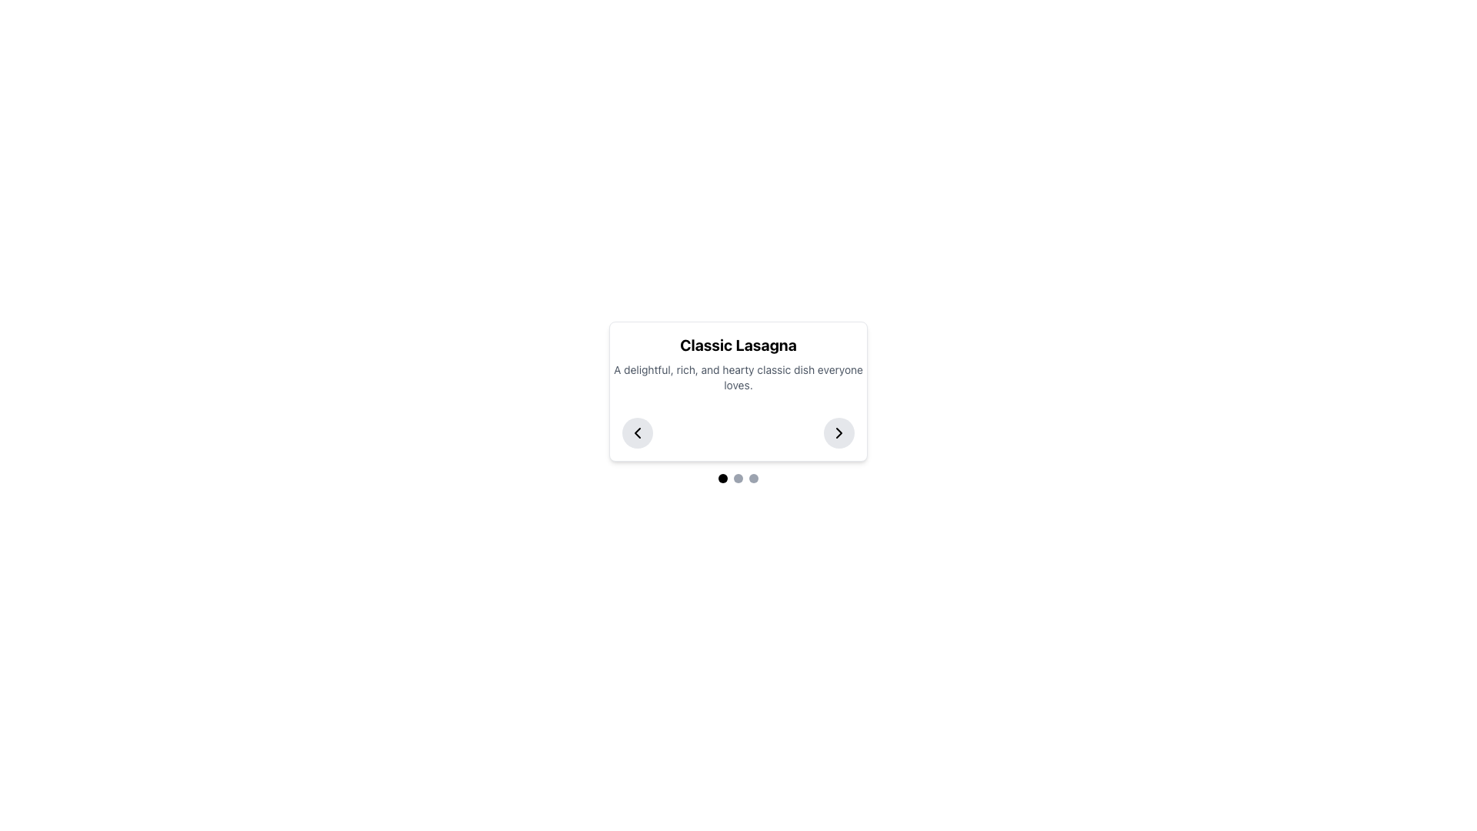 This screenshot has height=831, width=1477. I want to click on the second gray circular indicator of the Indicator component below the 'Classic Lasagna' section, so click(738, 477).